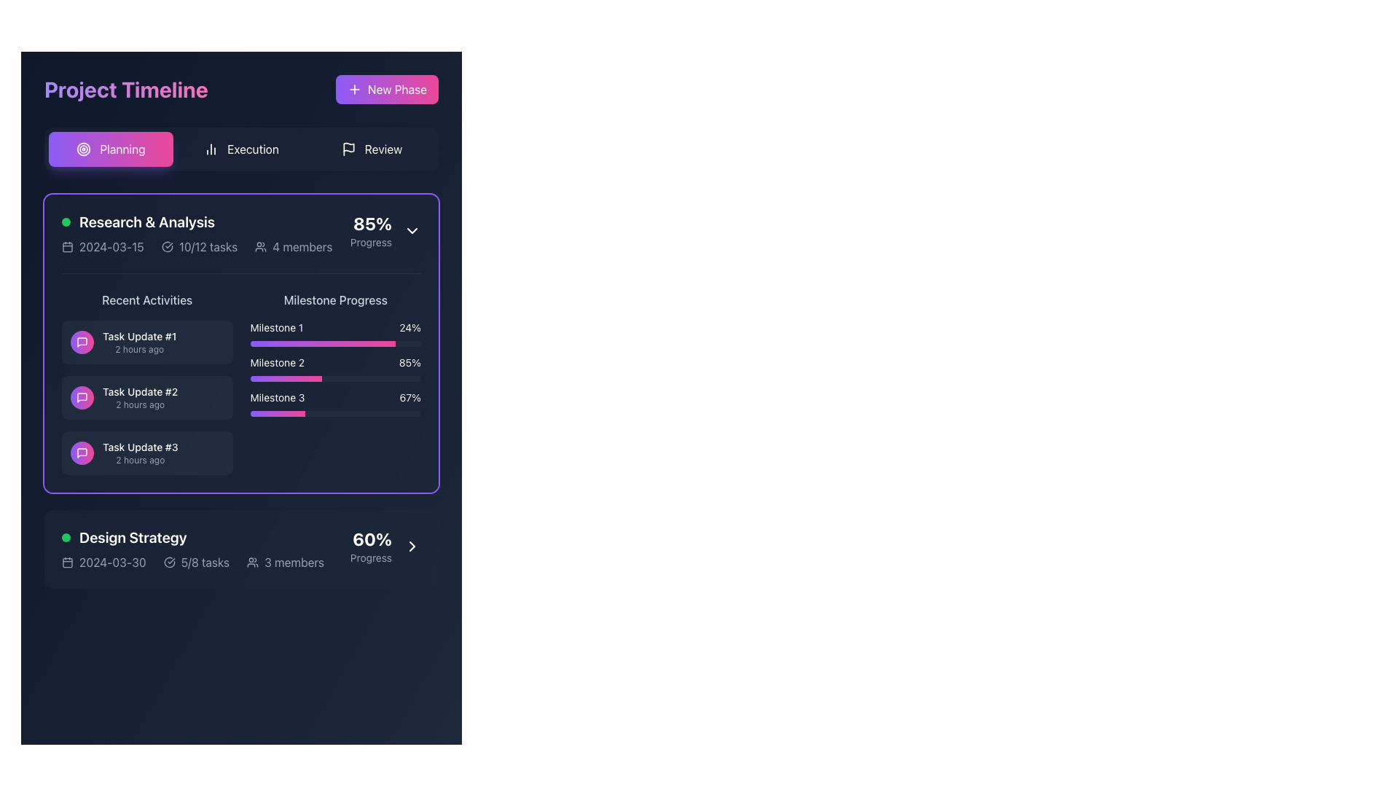 The width and height of the screenshot is (1399, 787). Describe the element at coordinates (66, 561) in the screenshot. I see `the rectangular graphic element that represents a day or date field within the calendar icon located to the left of '2024-03-30' in the 'Design Strategy' section` at that location.